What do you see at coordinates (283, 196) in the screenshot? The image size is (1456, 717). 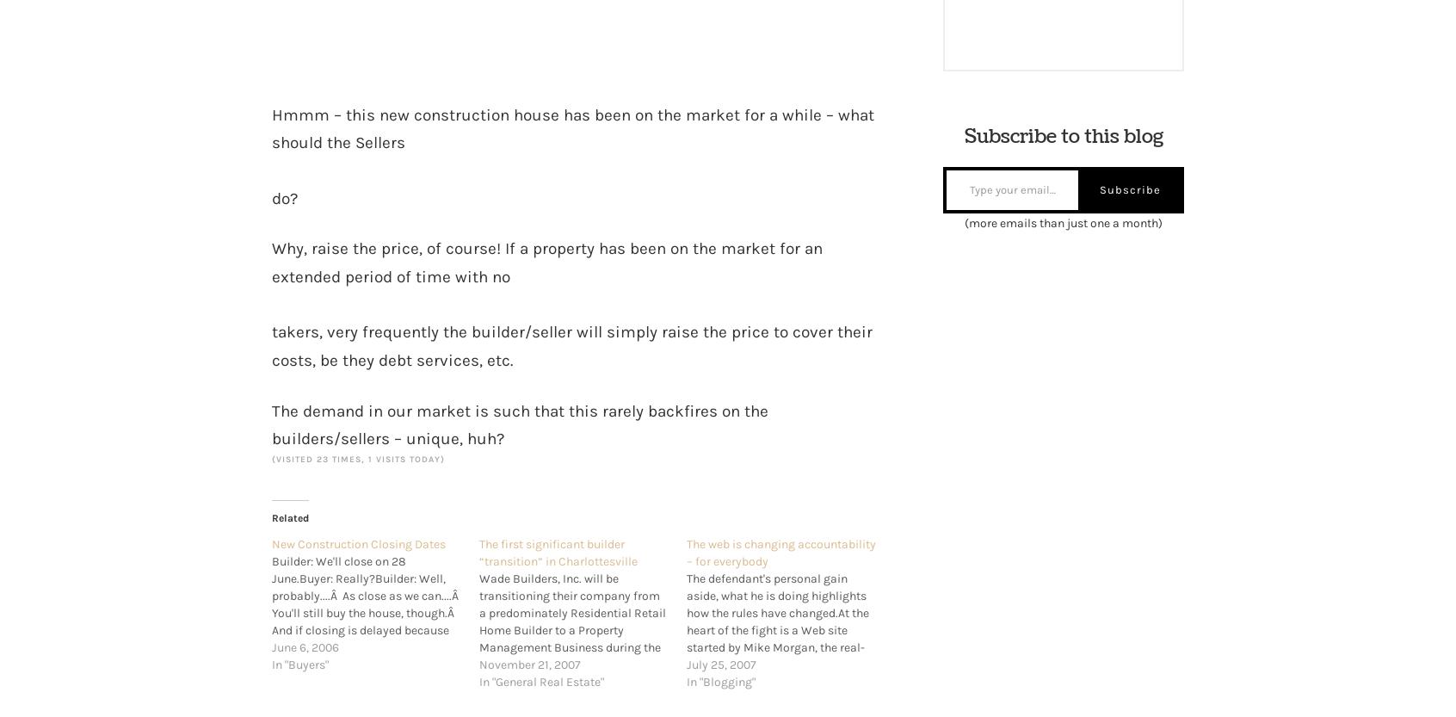 I see `'do?'` at bounding box center [283, 196].